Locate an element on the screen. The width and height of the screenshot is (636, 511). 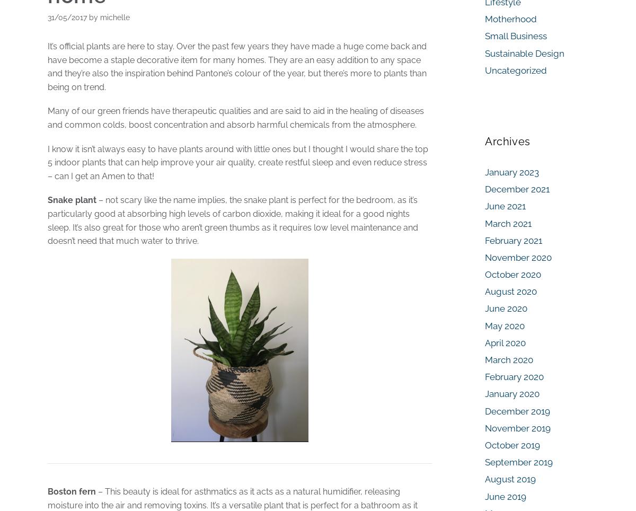
'June 2021' is located at coordinates (505, 206).